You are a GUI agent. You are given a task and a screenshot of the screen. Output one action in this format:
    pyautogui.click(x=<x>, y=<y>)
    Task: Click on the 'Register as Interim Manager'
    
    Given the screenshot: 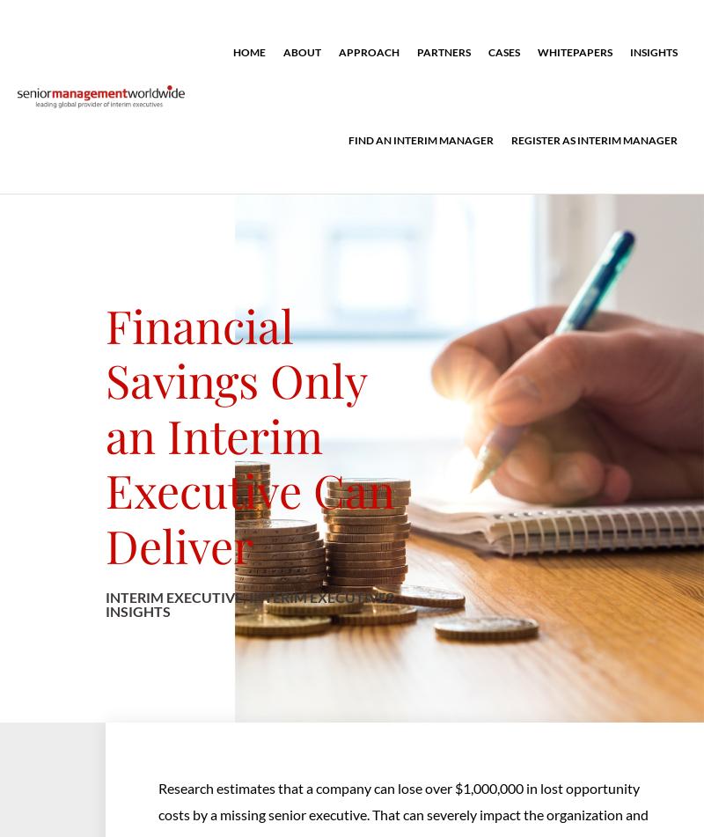 What is the action you would take?
    pyautogui.click(x=594, y=140)
    